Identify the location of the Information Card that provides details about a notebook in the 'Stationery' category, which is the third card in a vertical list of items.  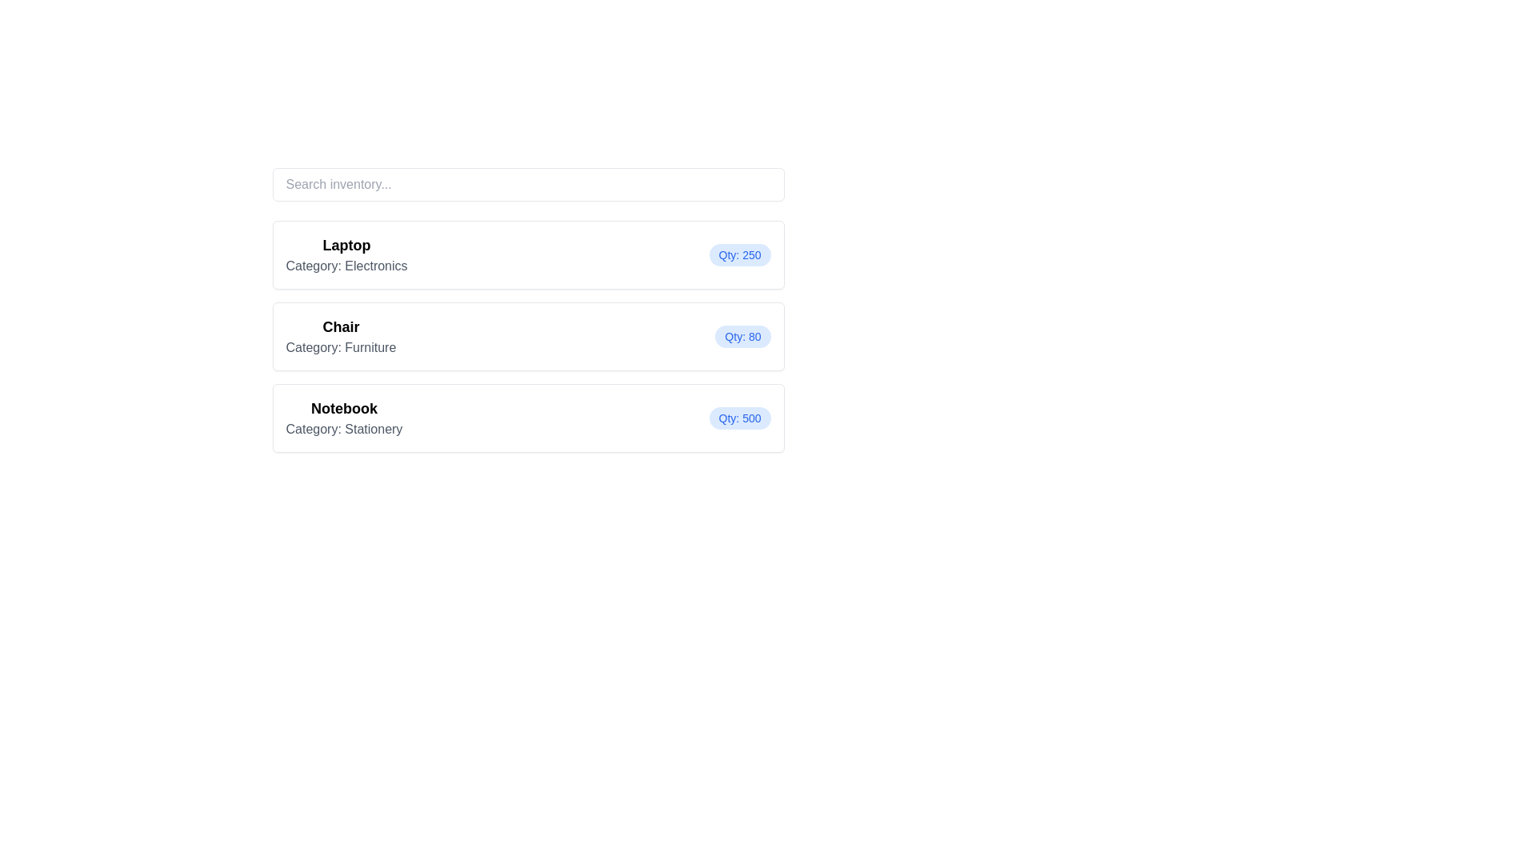
(528, 418).